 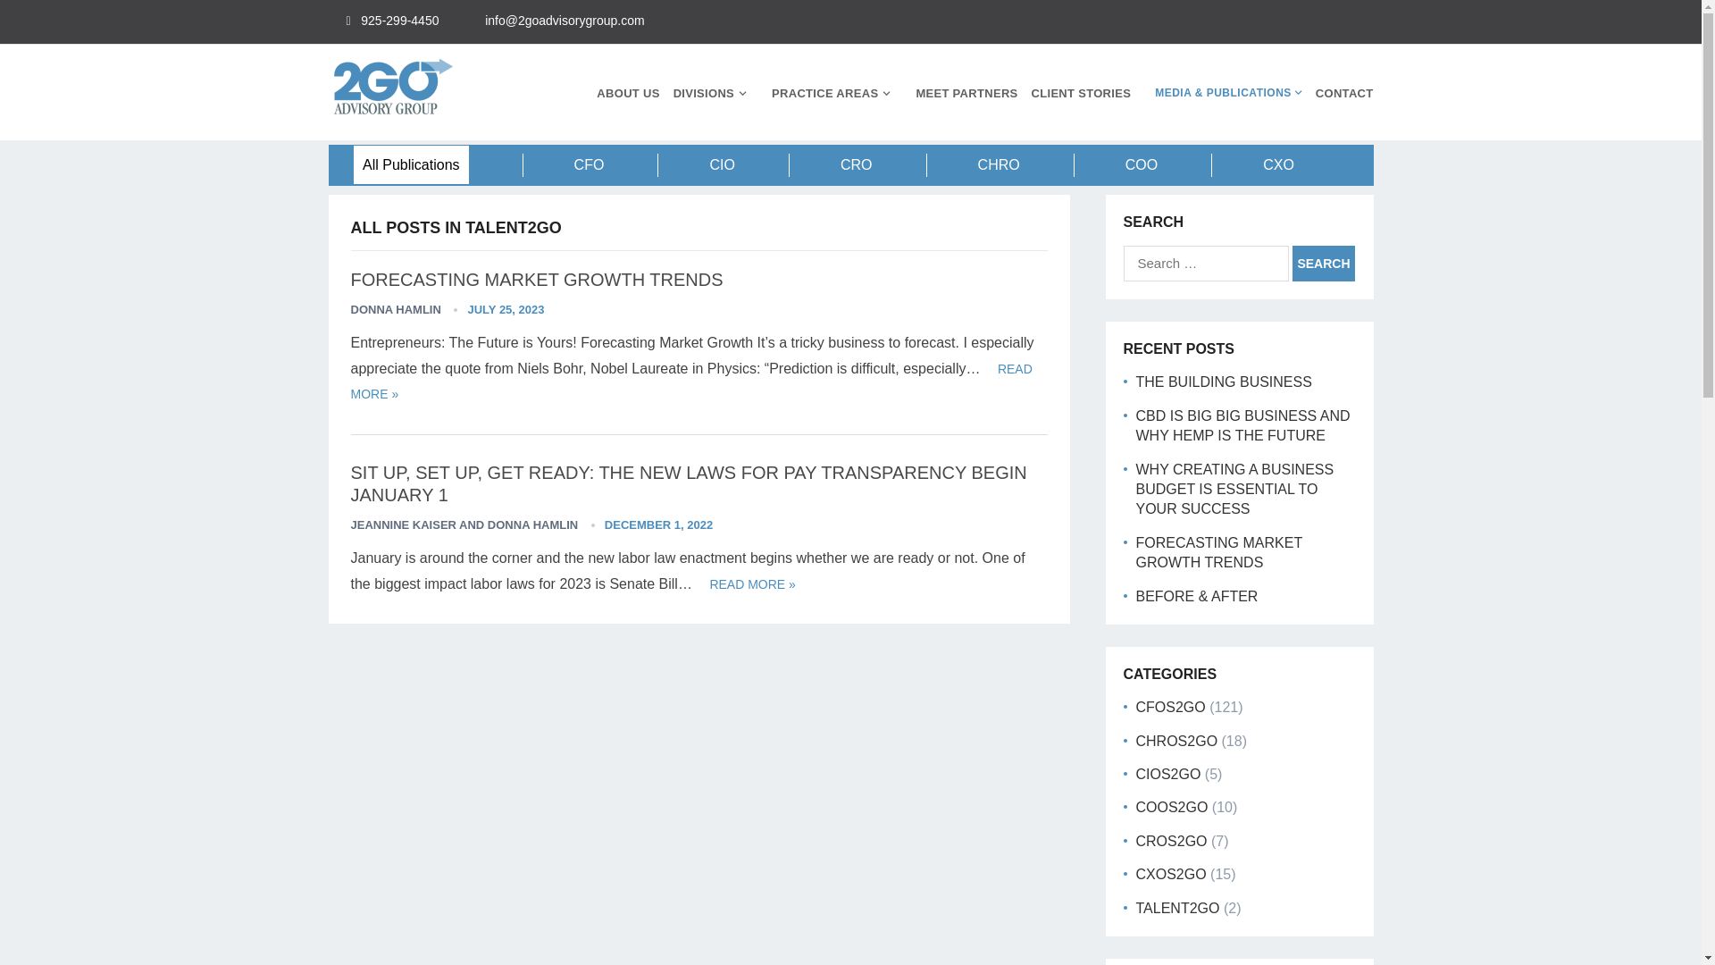 What do you see at coordinates (464, 524) in the screenshot?
I see `'JEANNINE KAISER AND DONNA HAMLIN'` at bounding box center [464, 524].